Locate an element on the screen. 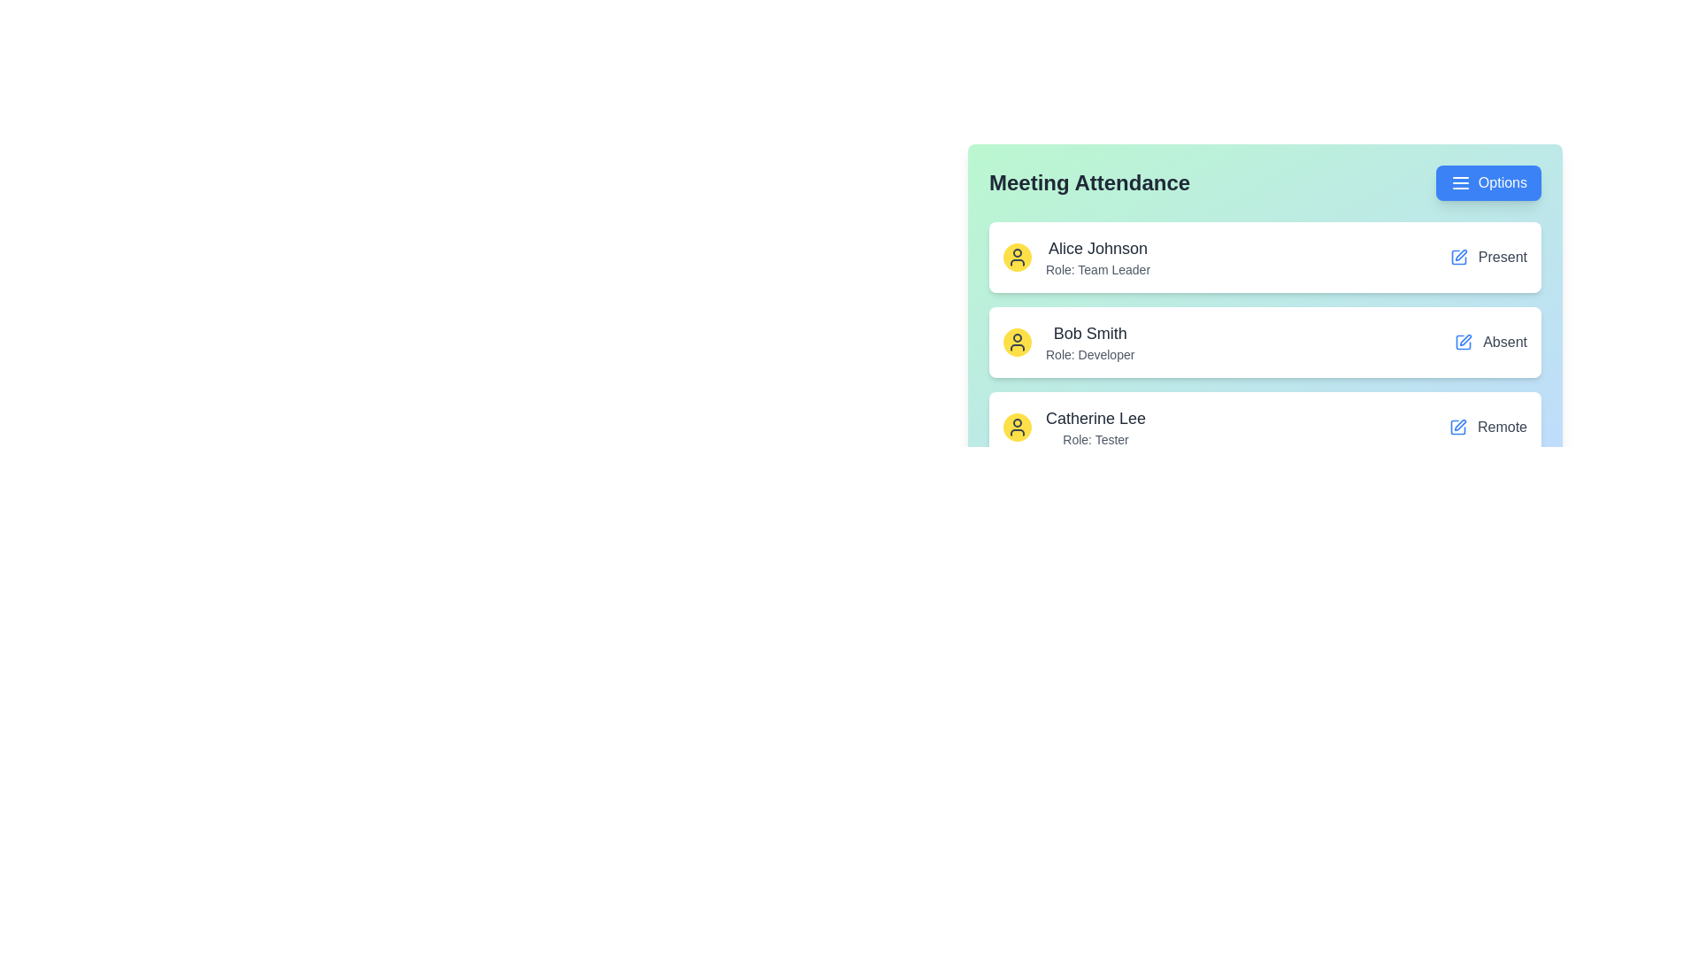  the 'Present' text label, which is styled in medium-sized sans-serif font and located to the right of the attendance box for 'Alice Johnson' is located at coordinates (1488, 257).